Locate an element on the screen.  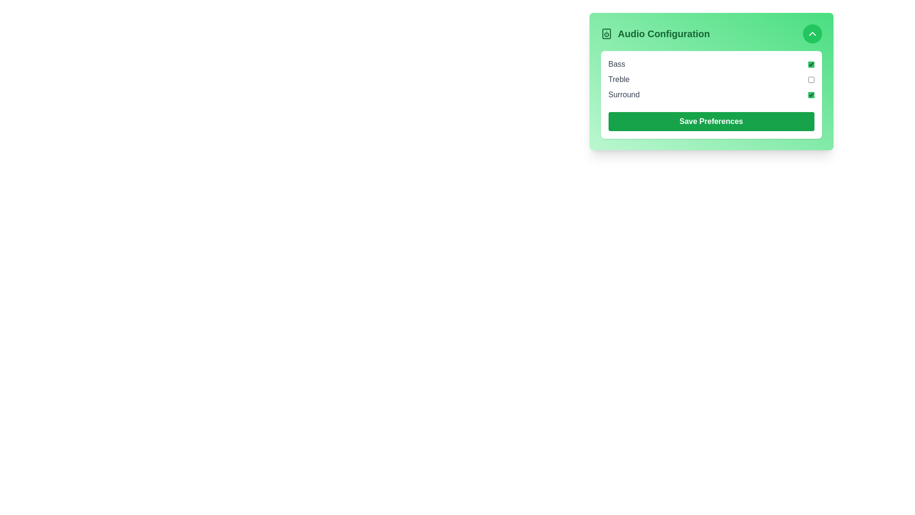
the green rectangular 'Save Preferences' button with rounded corners is located at coordinates (711, 121).